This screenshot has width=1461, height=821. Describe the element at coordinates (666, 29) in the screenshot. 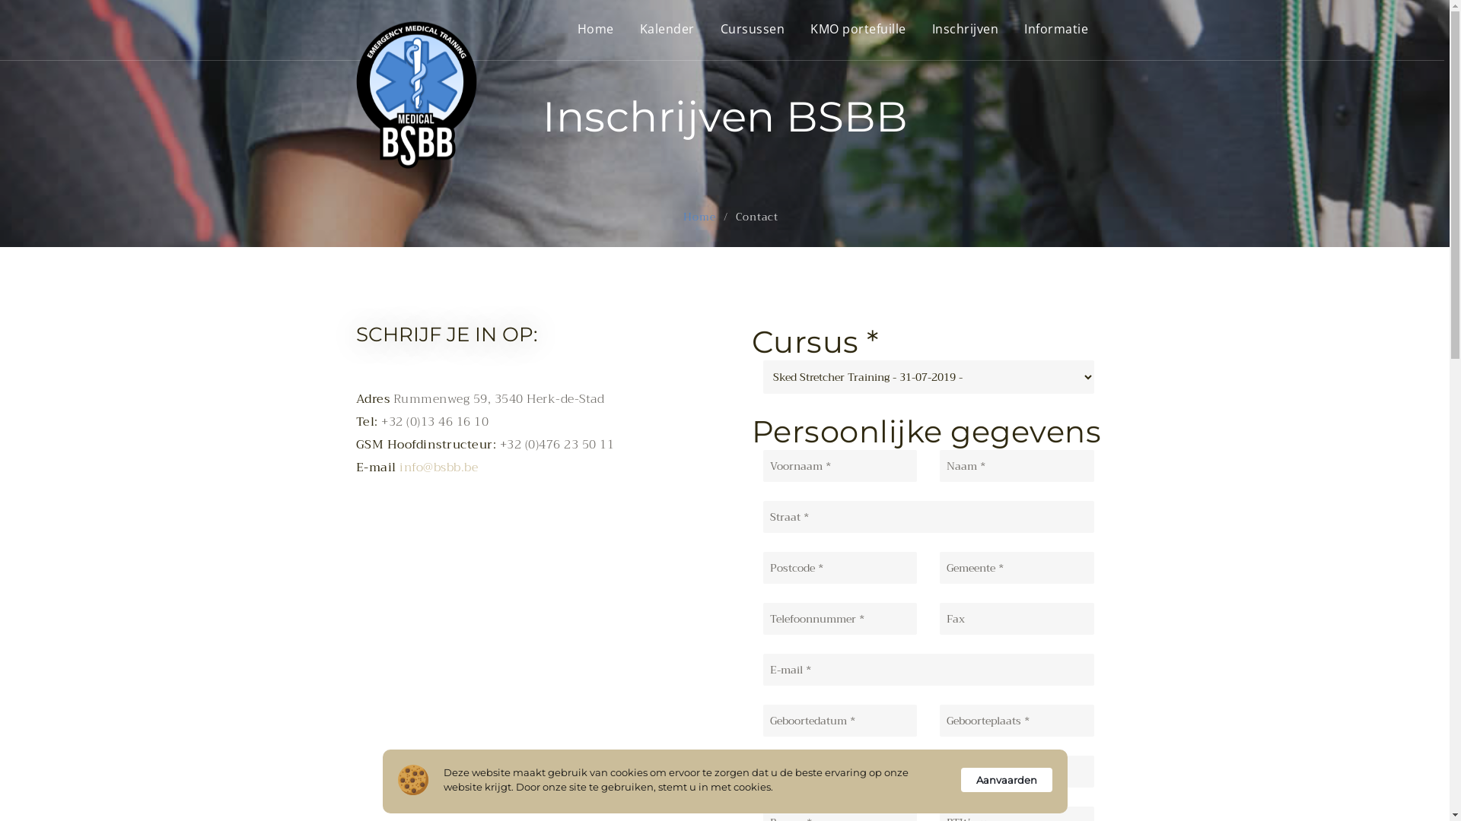

I see `'Kalender'` at that location.